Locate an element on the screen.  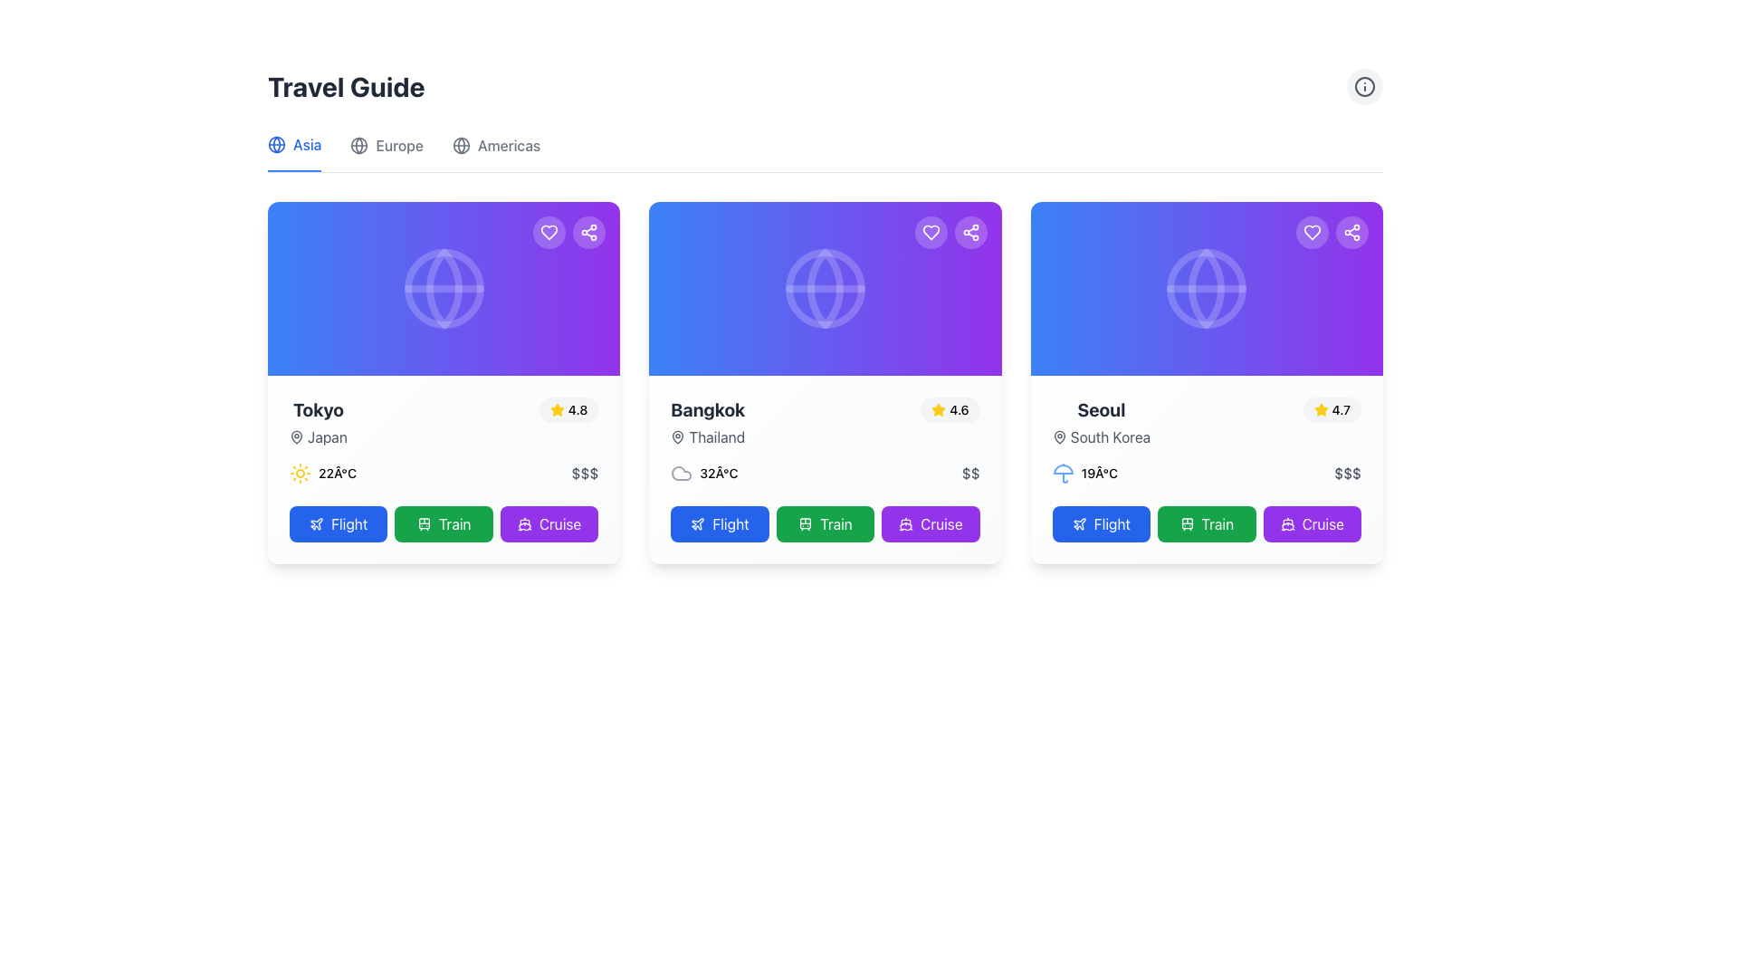
the heart symbol icon in the upper-right corner of the purple Seoul card to mark the item as a favorite is located at coordinates (1312, 232).